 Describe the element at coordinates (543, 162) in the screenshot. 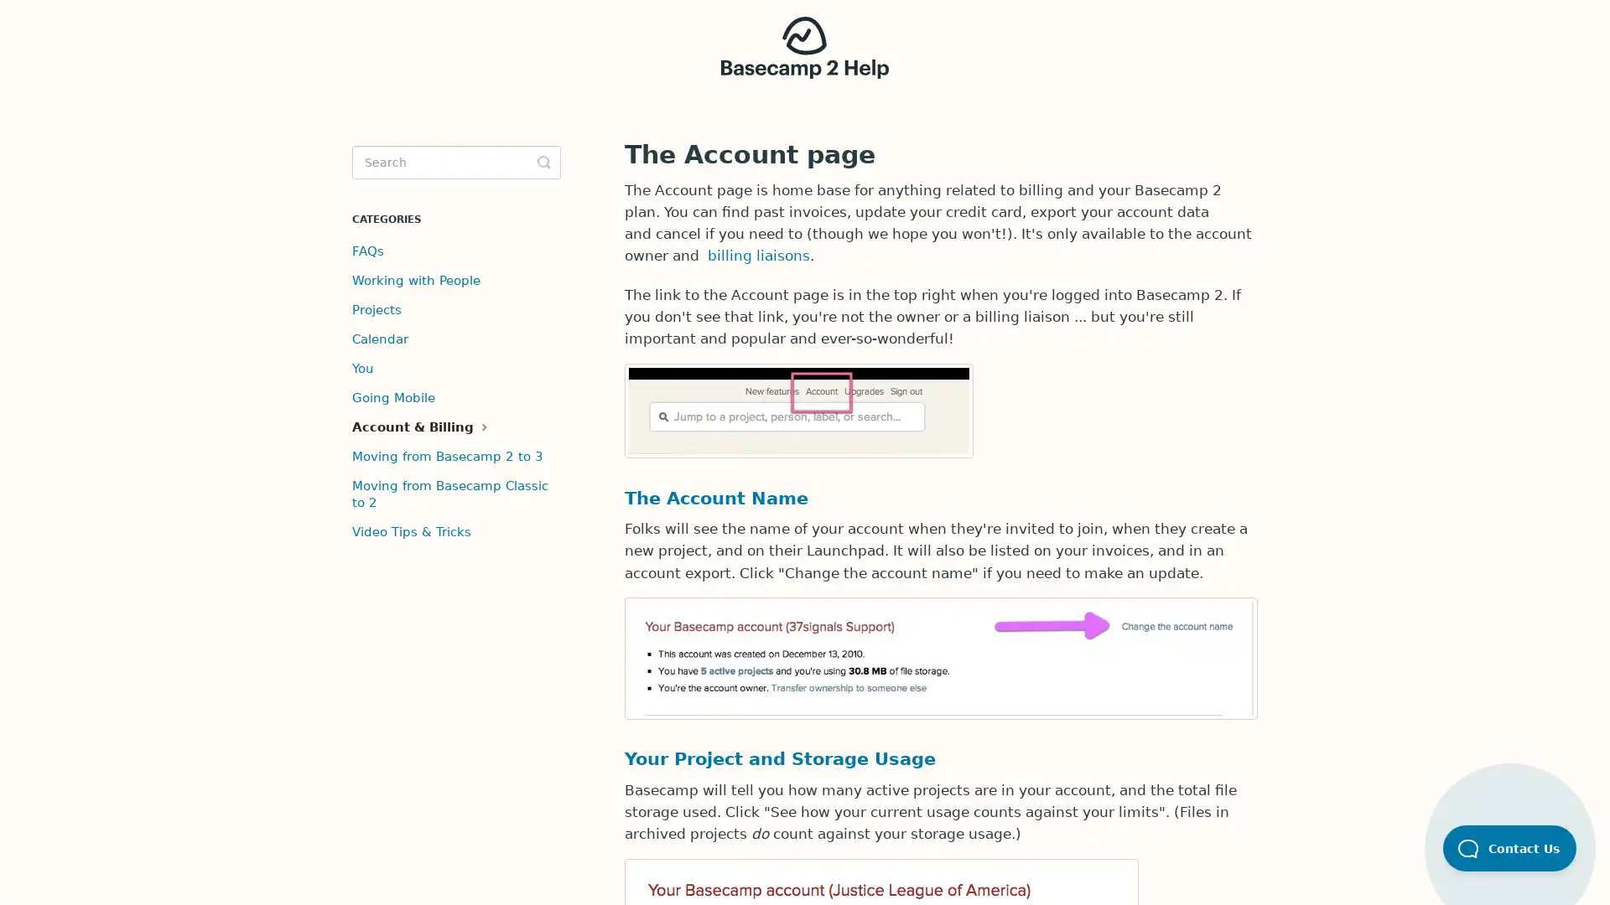

I see `Toggle Search` at that location.